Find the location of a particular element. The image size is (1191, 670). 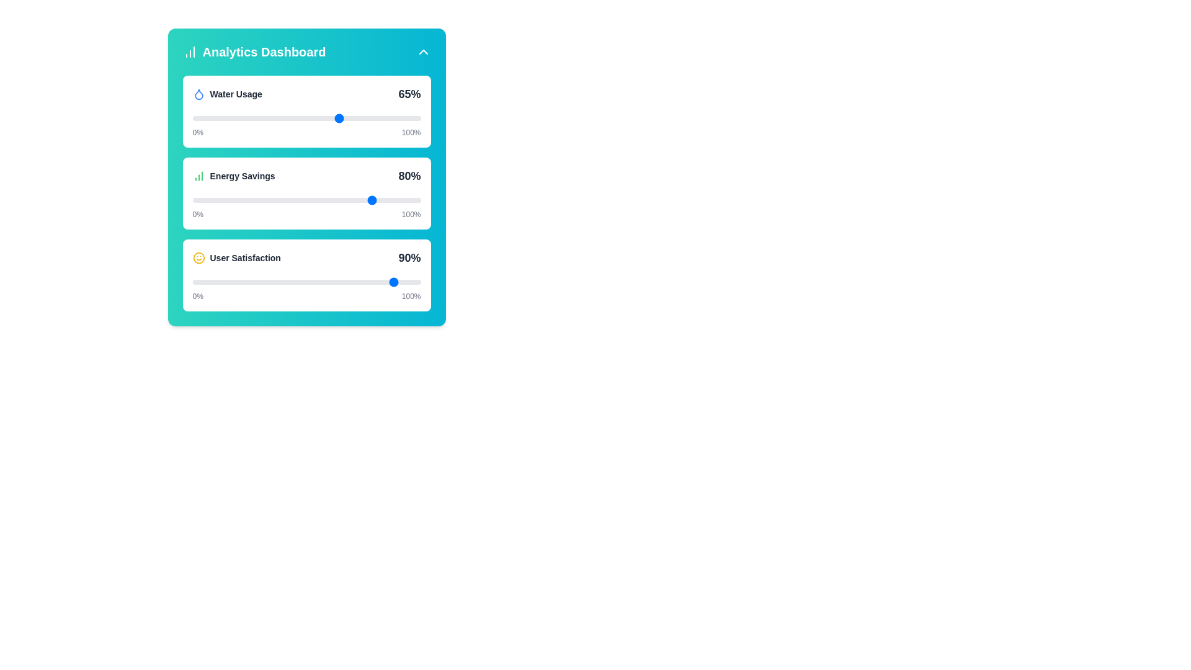

the slider is located at coordinates (334, 200).